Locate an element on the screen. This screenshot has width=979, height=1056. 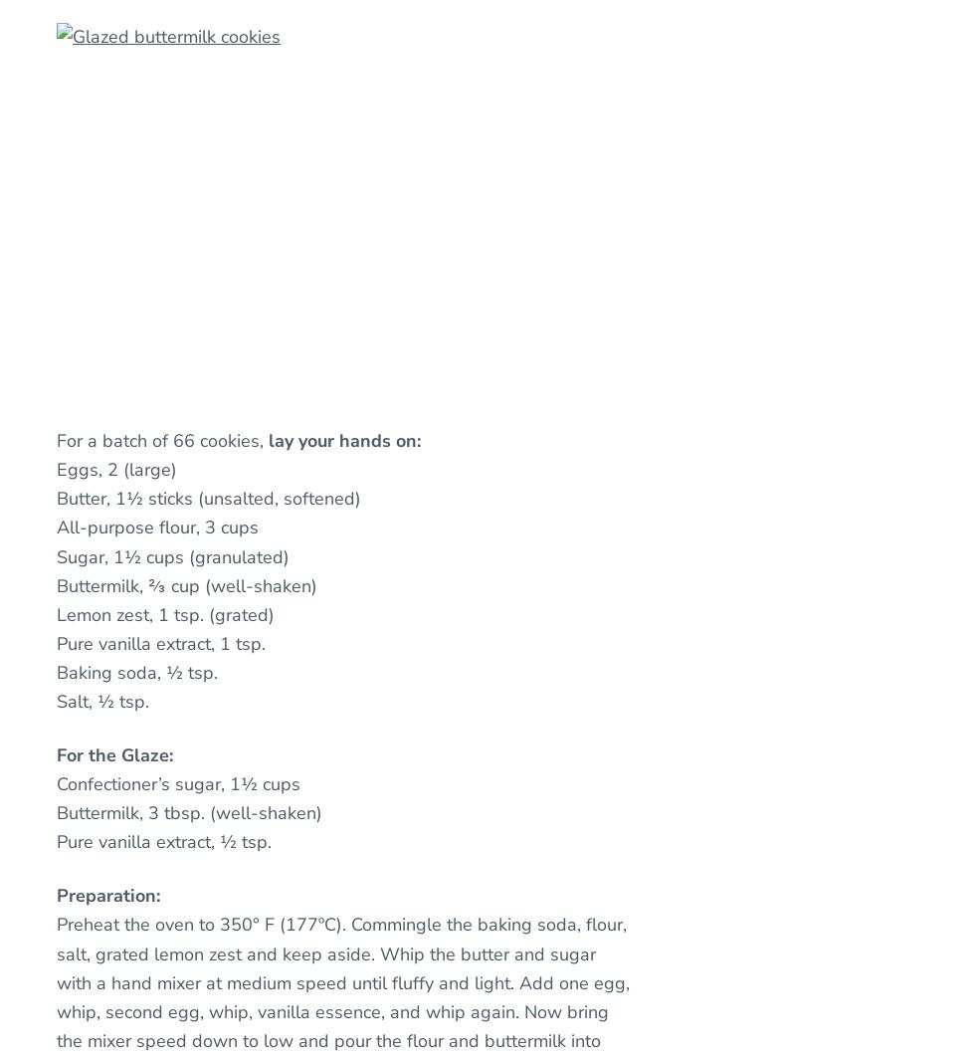
'lay your hands on:' is located at coordinates (268, 440).